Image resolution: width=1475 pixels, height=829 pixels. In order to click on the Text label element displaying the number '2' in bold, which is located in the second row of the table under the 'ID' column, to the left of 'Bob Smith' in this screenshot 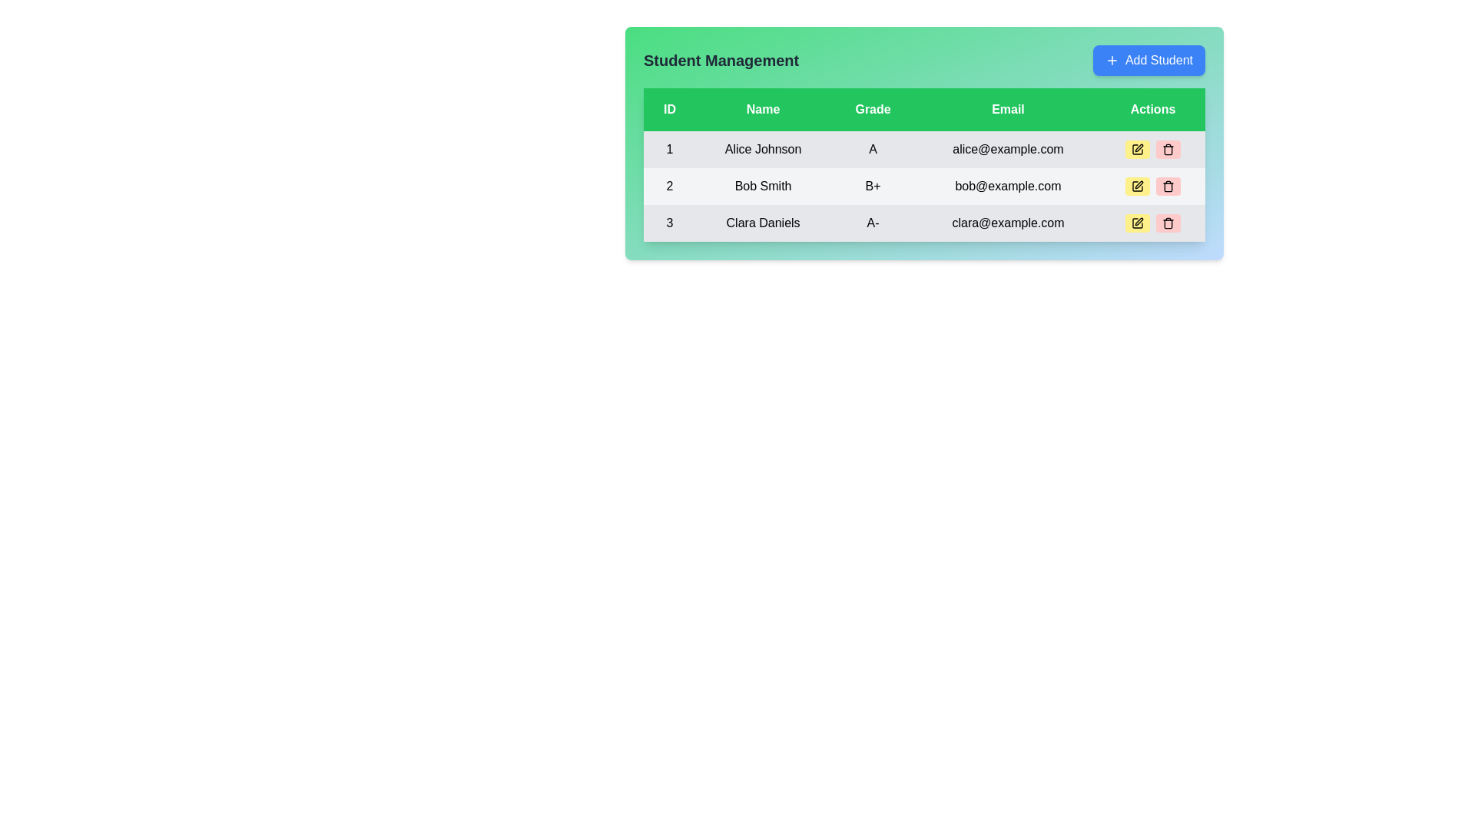, I will do `click(670, 186)`.